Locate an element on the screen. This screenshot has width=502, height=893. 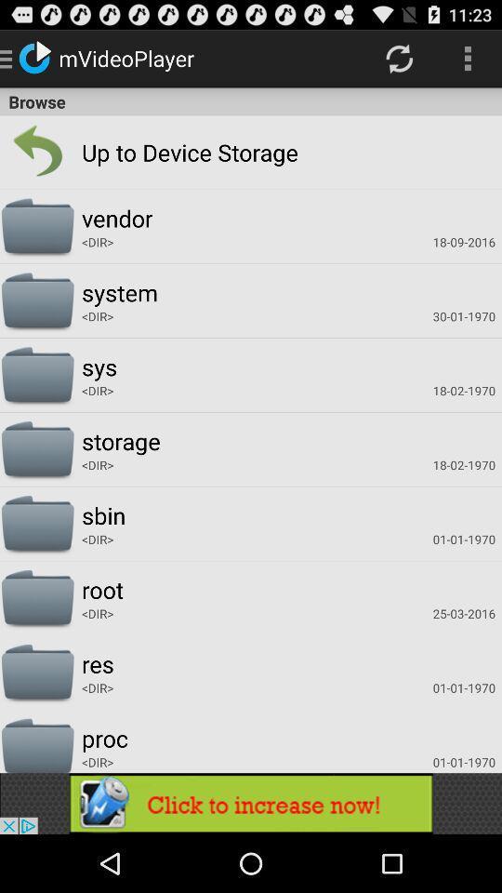
the up to storage app is located at coordinates (151, 151).